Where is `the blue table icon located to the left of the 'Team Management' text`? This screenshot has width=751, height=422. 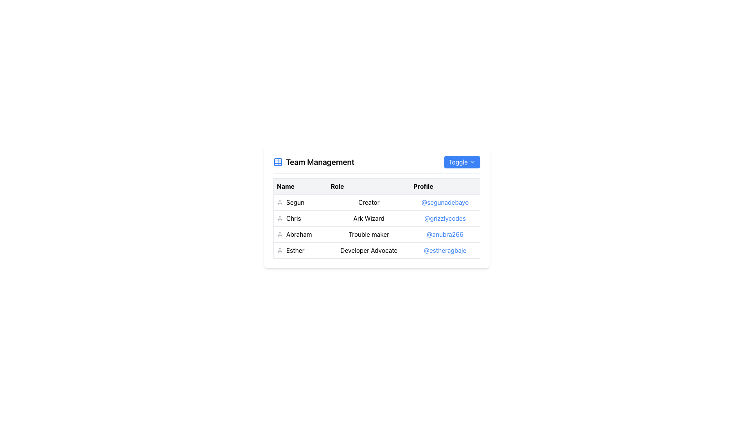 the blue table icon located to the left of the 'Team Management' text is located at coordinates (278, 162).